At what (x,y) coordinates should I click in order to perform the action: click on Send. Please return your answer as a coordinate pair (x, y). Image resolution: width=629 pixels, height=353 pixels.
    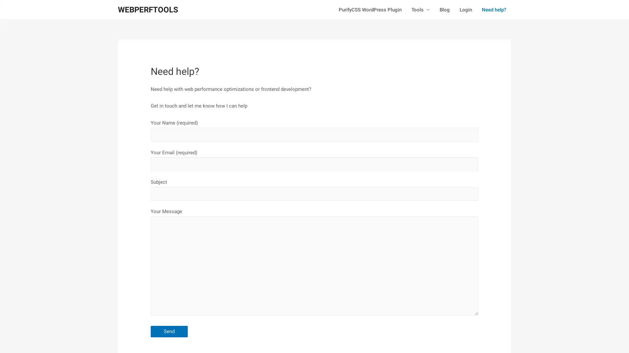
    Looking at the image, I should click on (169, 331).